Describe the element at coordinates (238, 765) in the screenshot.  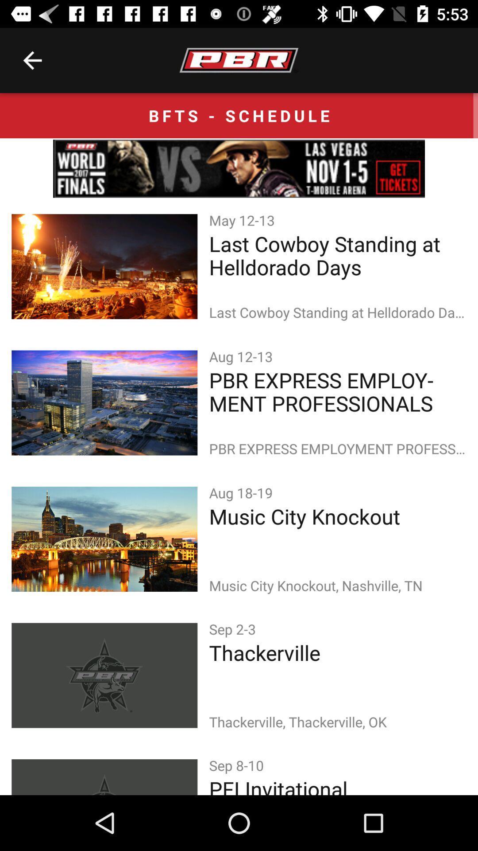
I see `icon above the pfi invitational item` at that location.